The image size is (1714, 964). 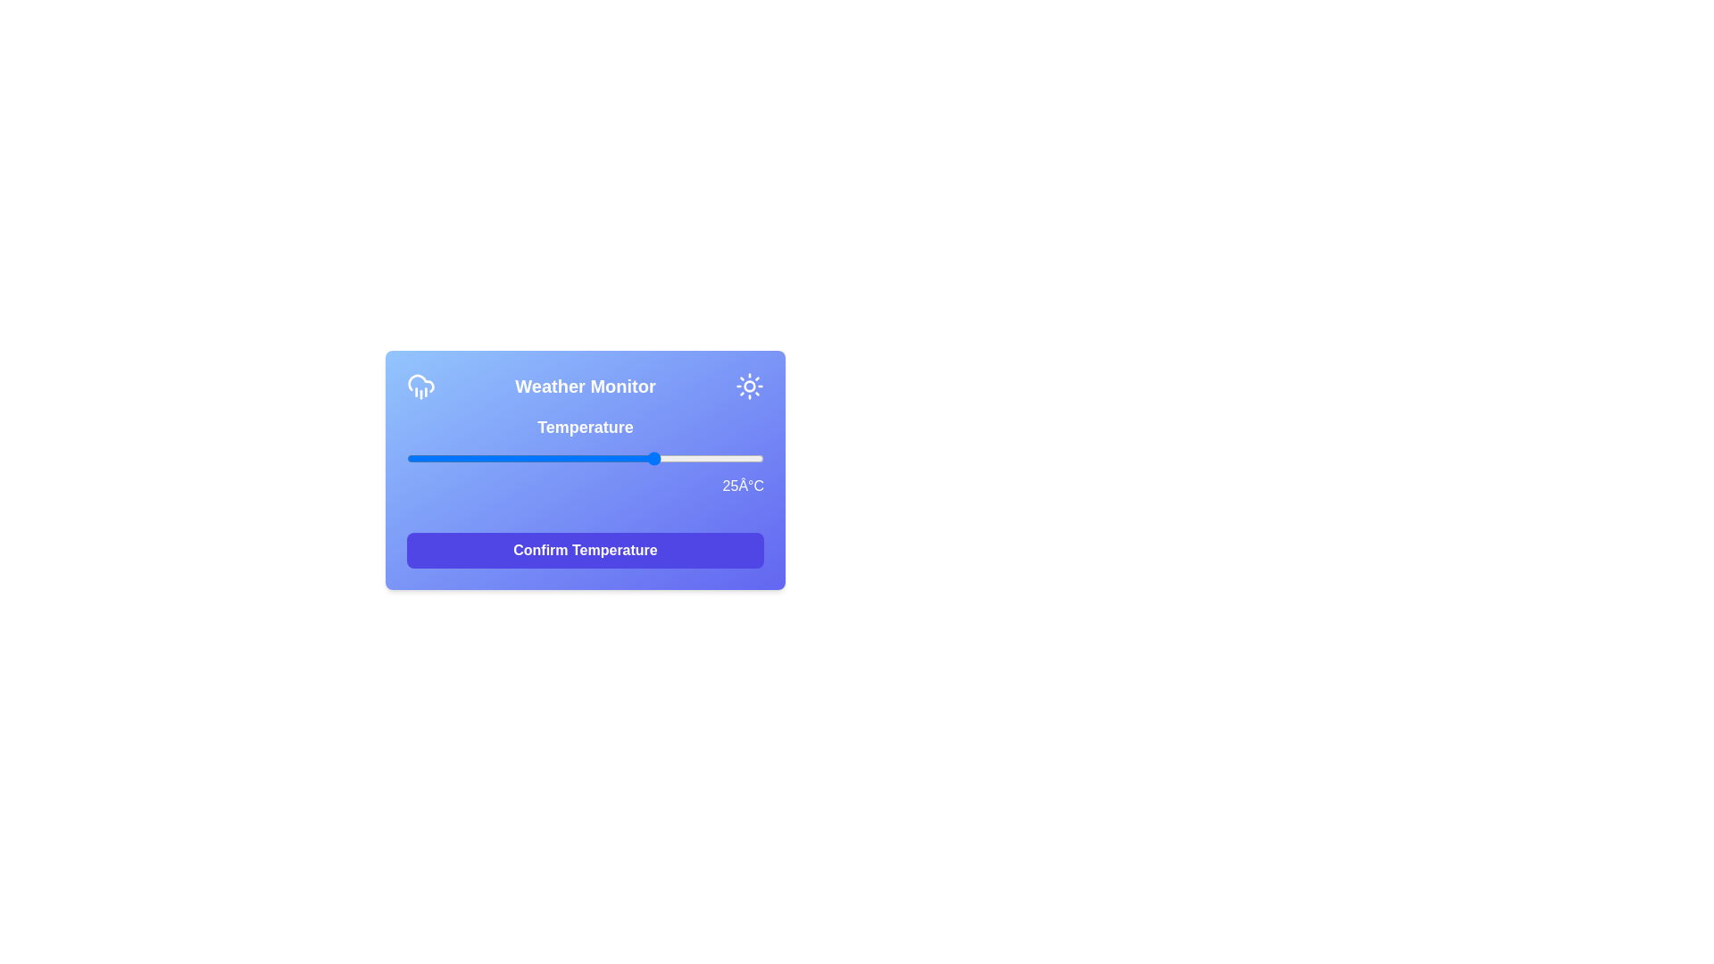 What do you see at coordinates (750, 385) in the screenshot?
I see `the sun icon located in the top-right corner of the 'Weather Monitor' panel` at bounding box center [750, 385].